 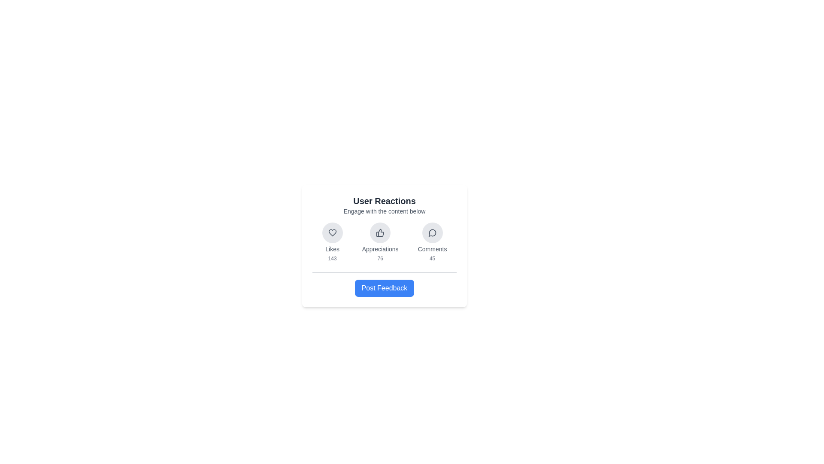 I want to click on the small text label displaying the number '76' in gray font, which is located below the thumbs-up icon and the label 'Appreciations' in the user reaction group, so click(x=380, y=258).